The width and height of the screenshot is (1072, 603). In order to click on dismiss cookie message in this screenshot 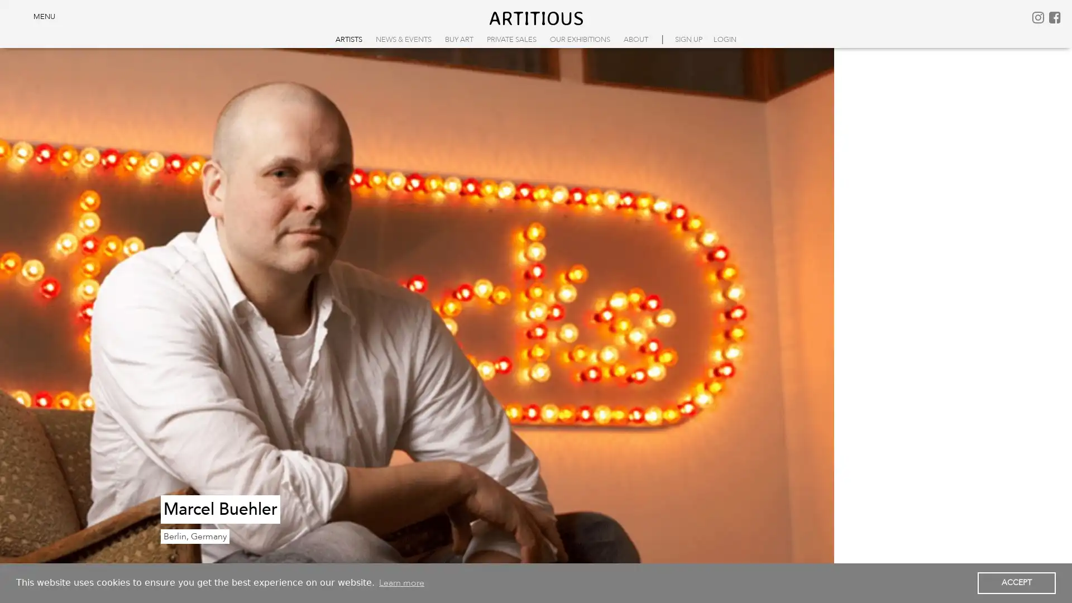, I will do `click(1016, 582)`.